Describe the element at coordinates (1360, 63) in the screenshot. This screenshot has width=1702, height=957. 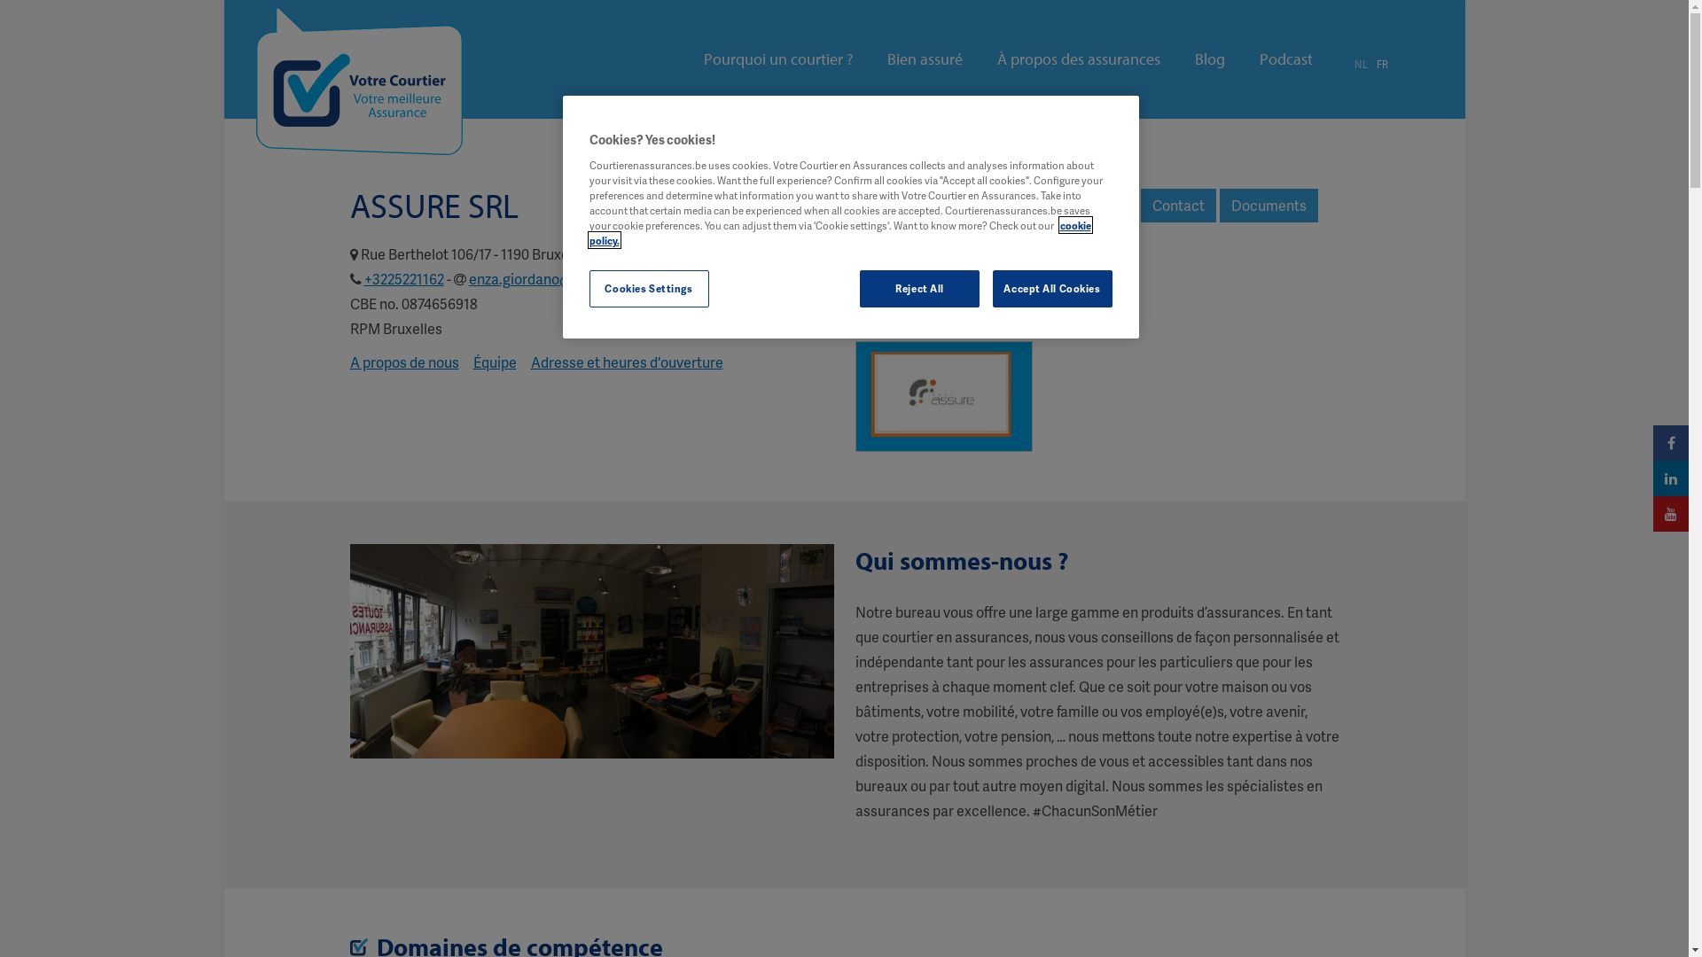
I see `'NL'` at that location.